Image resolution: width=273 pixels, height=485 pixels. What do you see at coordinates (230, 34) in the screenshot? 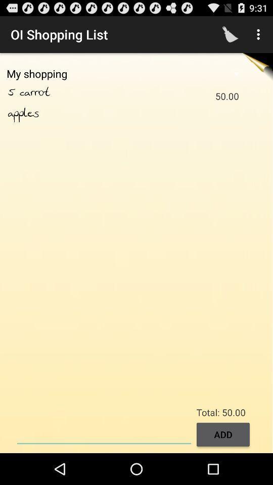
I see `the app above the my shopping item` at bounding box center [230, 34].